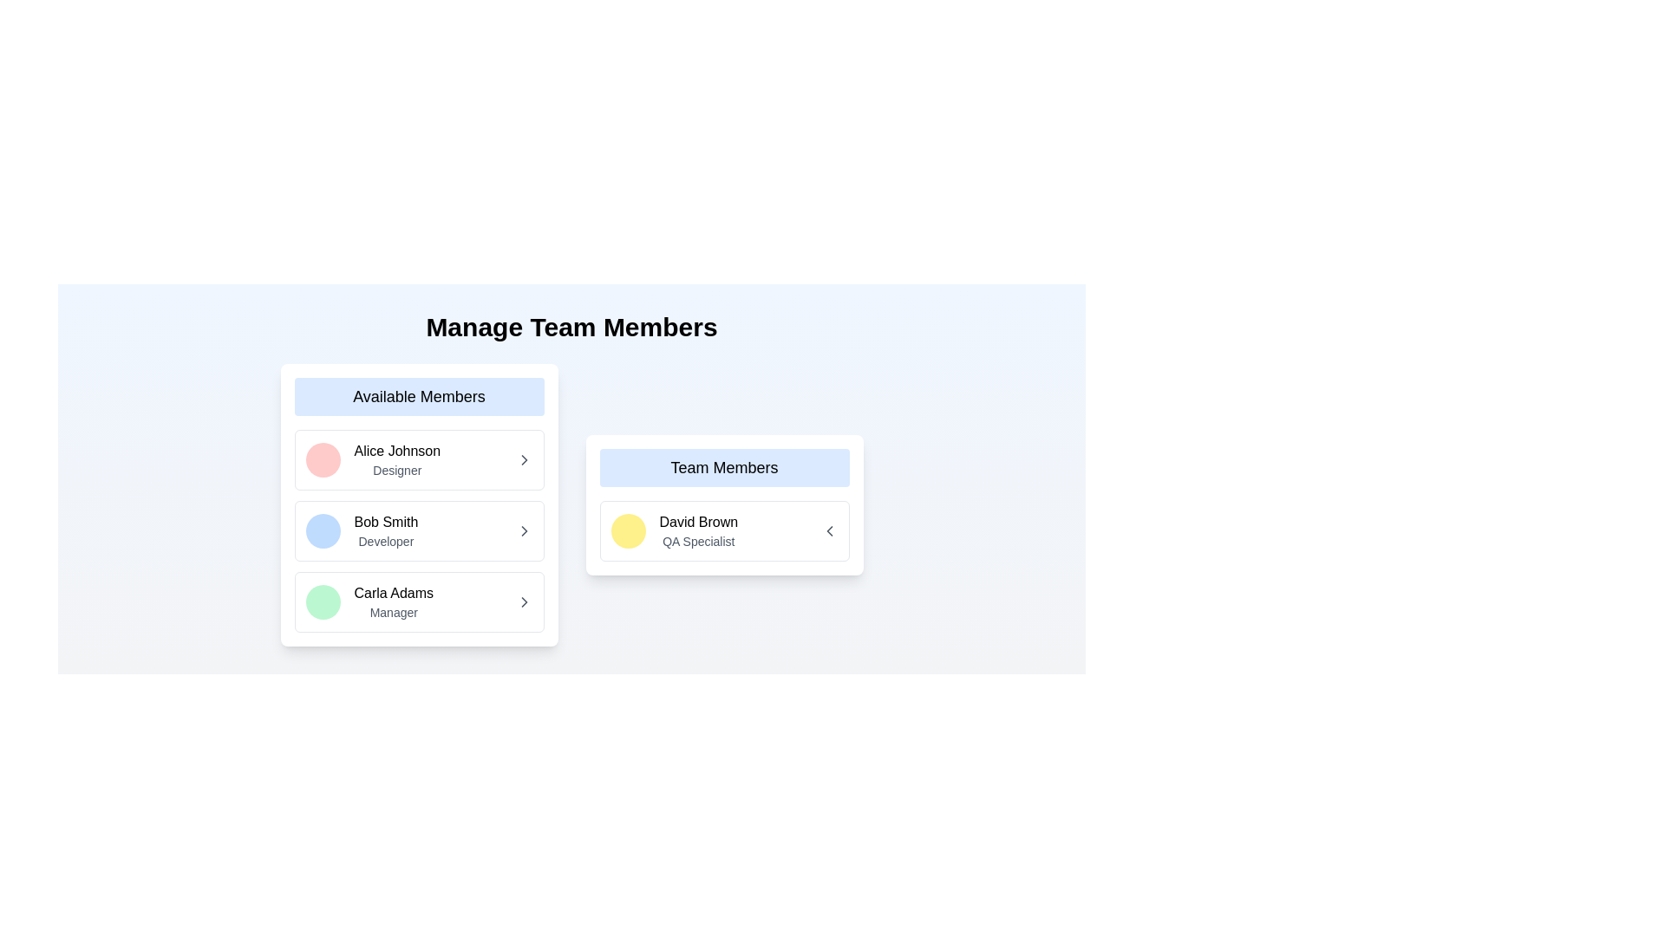 This screenshot has height=936, width=1665. Describe the element at coordinates (523, 459) in the screenshot. I see `the button with a chevron icon located in the 'Available Members' panel for 'Alice Johnson'` at that location.